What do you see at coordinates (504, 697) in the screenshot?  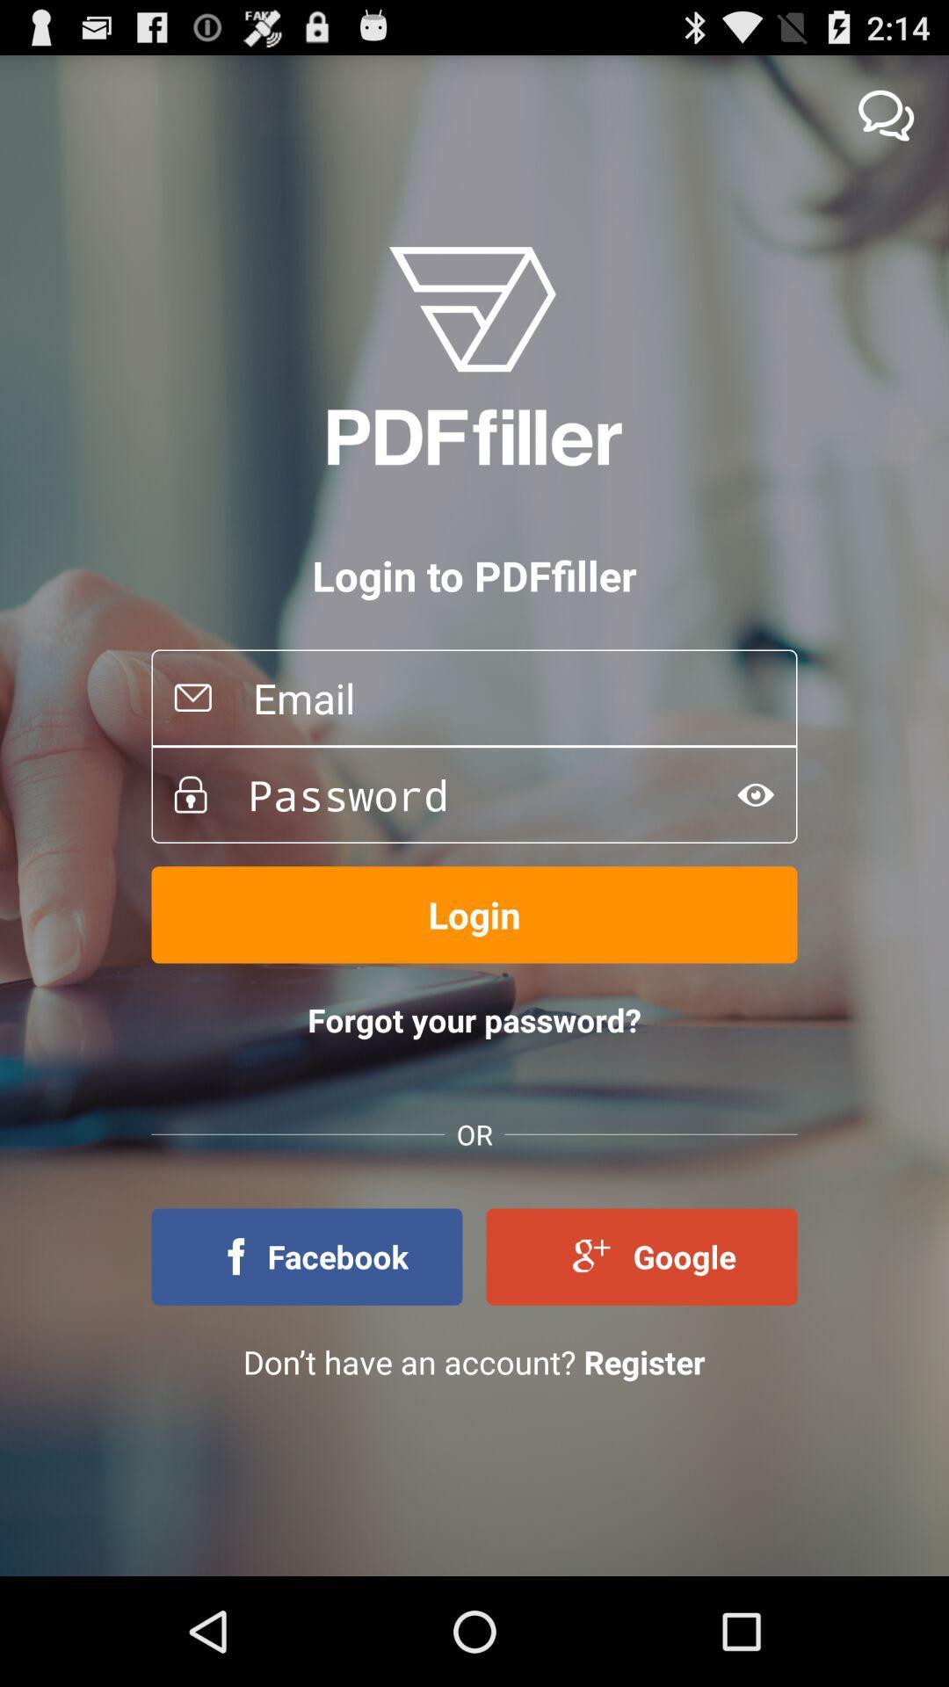 I see `email` at bounding box center [504, 697].